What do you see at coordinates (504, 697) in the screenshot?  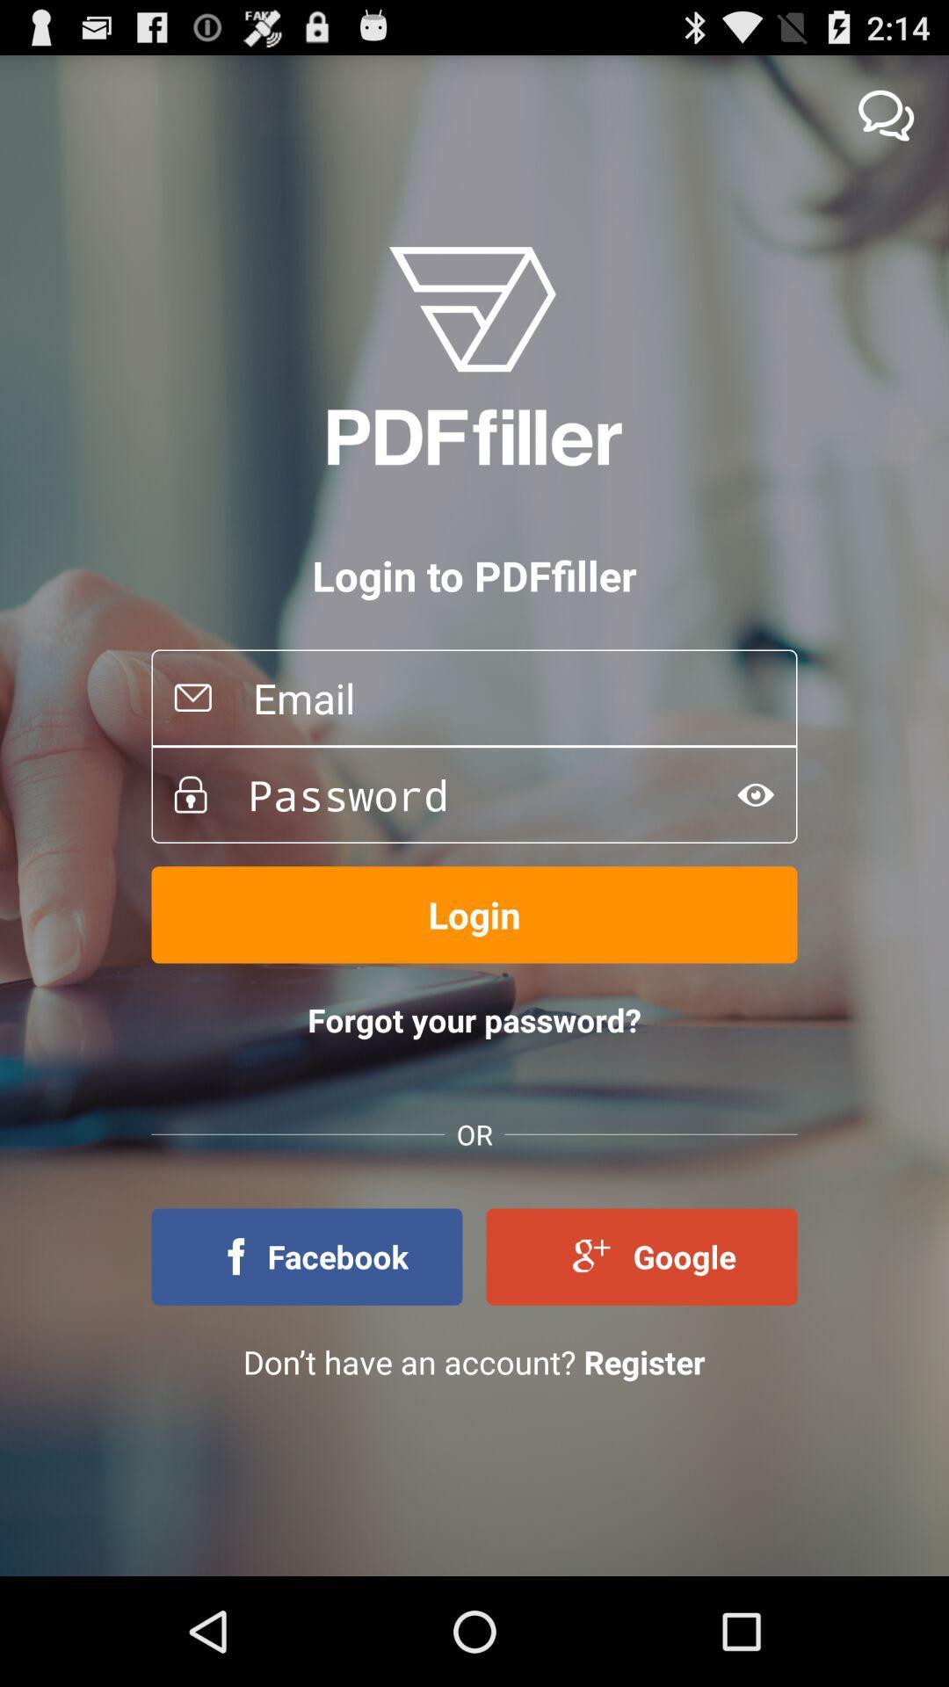 I see `email` at bounding box center [504, 697].